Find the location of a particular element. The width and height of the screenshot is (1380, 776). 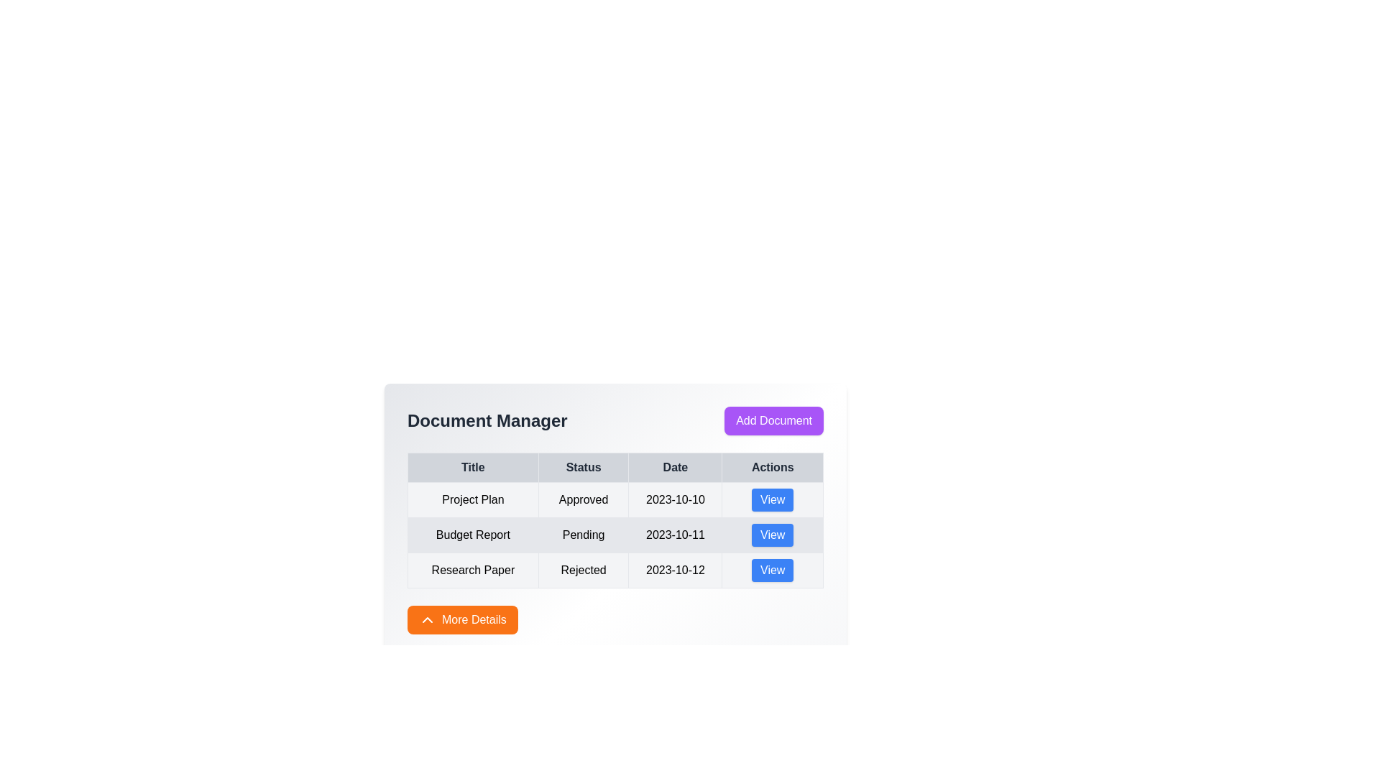

the button for adding a new document located in the upper right corner of the header section is located at coordinates (773, 420).